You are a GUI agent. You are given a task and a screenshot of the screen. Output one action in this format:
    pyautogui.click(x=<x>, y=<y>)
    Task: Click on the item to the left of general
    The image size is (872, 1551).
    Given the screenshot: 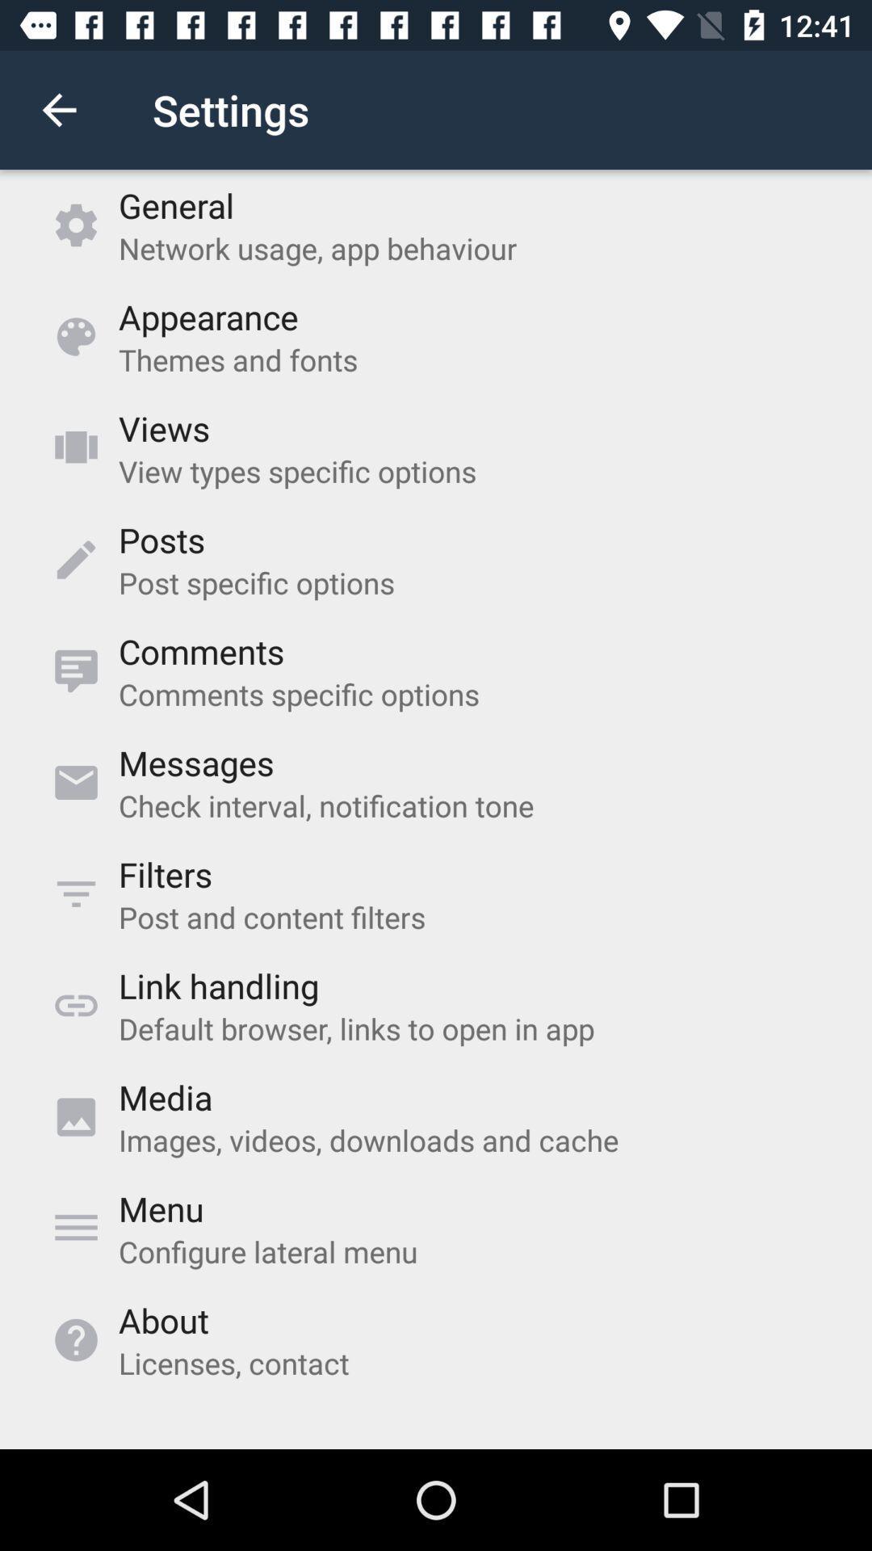 What is the action you would take?
    pyautogui.click(x=58, y=109)
    